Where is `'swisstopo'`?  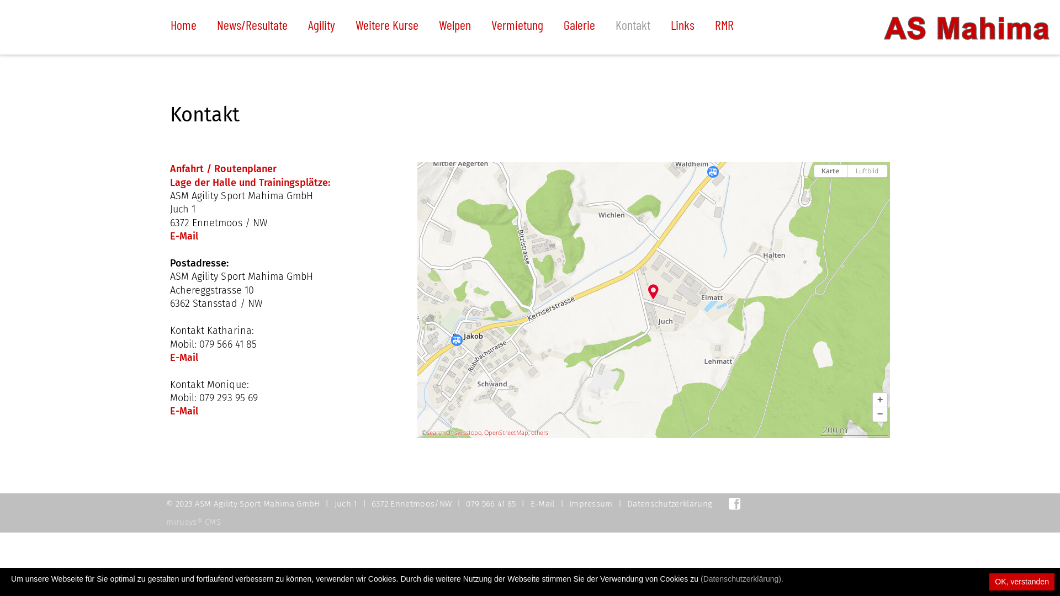 'swisstopo' is located at coordinates (468, 432).